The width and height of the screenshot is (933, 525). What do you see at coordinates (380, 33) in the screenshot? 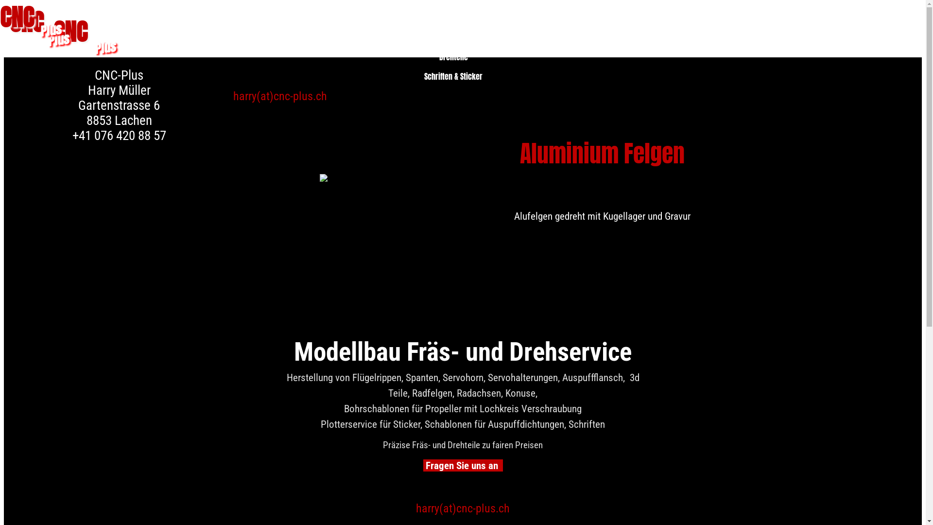
I see `'Homepage'` at bounding box center [380, 33].